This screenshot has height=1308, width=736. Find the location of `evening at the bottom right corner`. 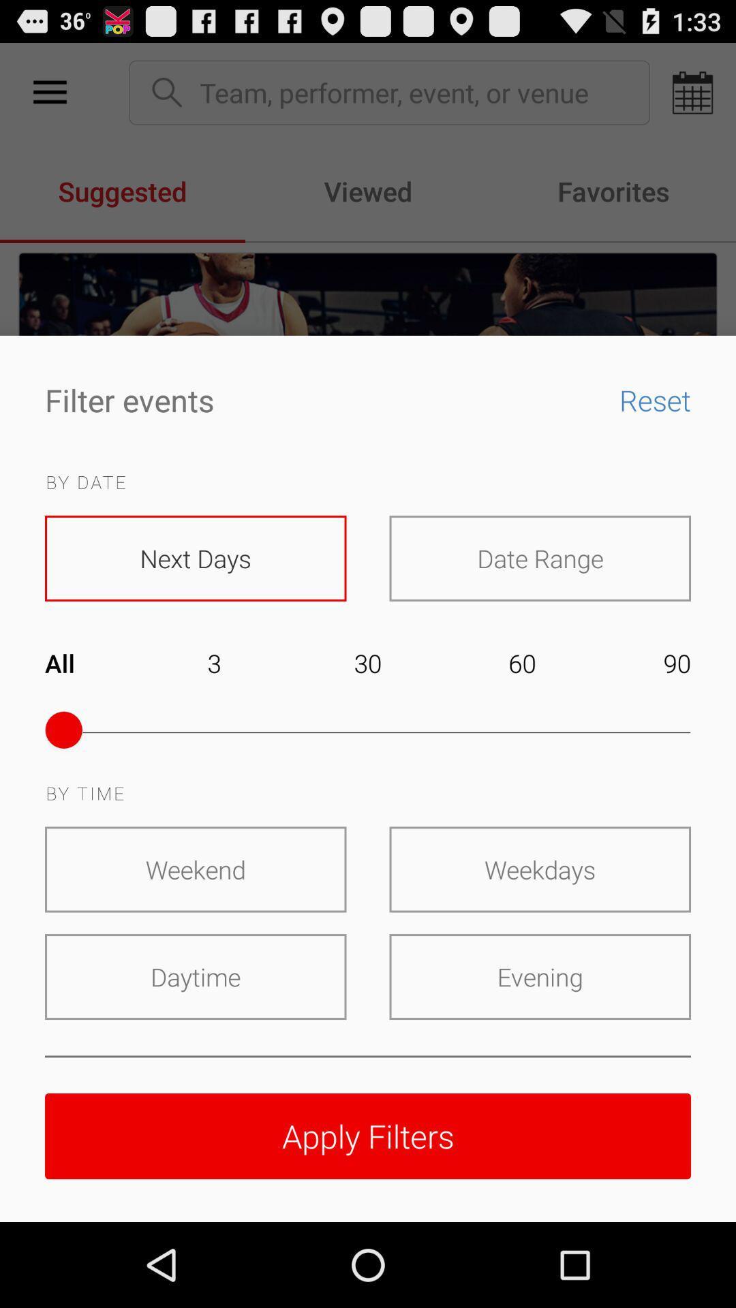

evening at the bottom right corner is located at coordinates (539, 976).